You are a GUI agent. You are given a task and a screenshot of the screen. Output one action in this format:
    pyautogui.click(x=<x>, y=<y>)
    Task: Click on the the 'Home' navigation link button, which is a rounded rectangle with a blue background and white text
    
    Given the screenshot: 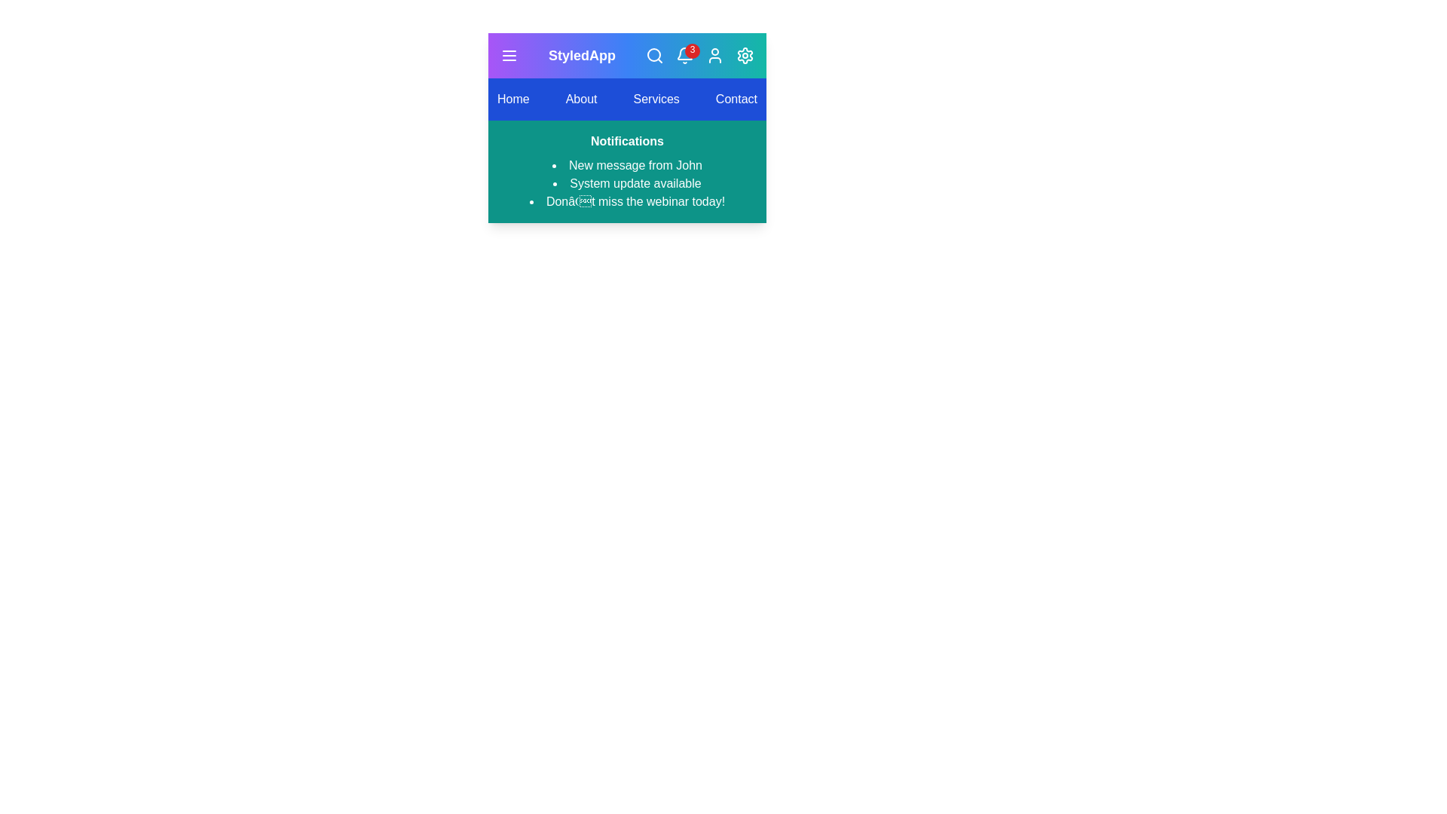 What is the action you would take?
    pyautogui.click(x=513, y=99)
    